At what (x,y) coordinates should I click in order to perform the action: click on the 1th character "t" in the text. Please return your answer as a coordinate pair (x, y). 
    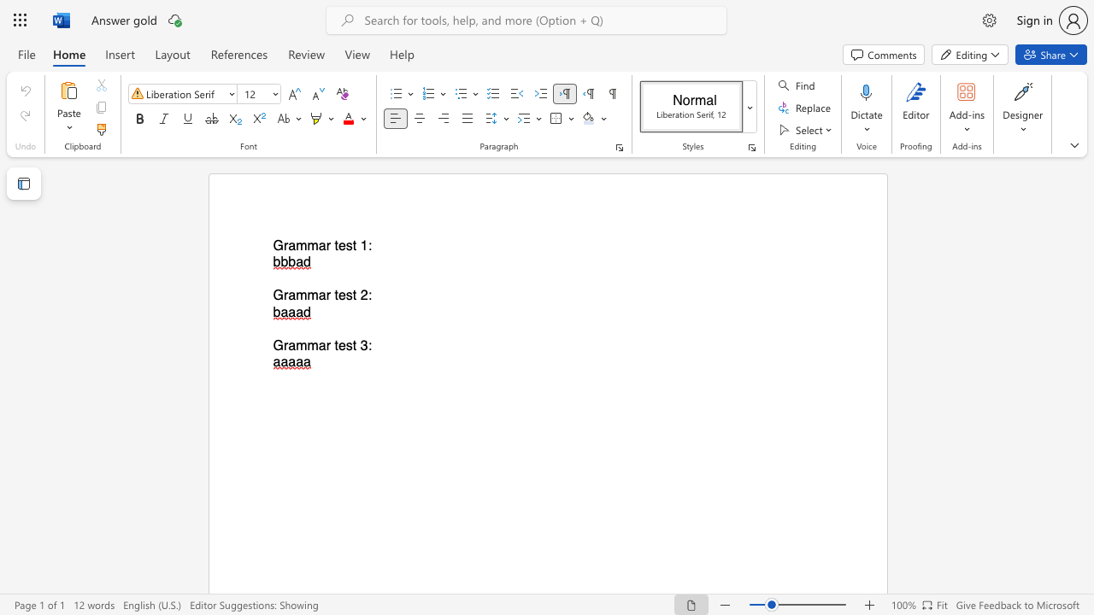
    Looking at the image, I should click on (336, 295).